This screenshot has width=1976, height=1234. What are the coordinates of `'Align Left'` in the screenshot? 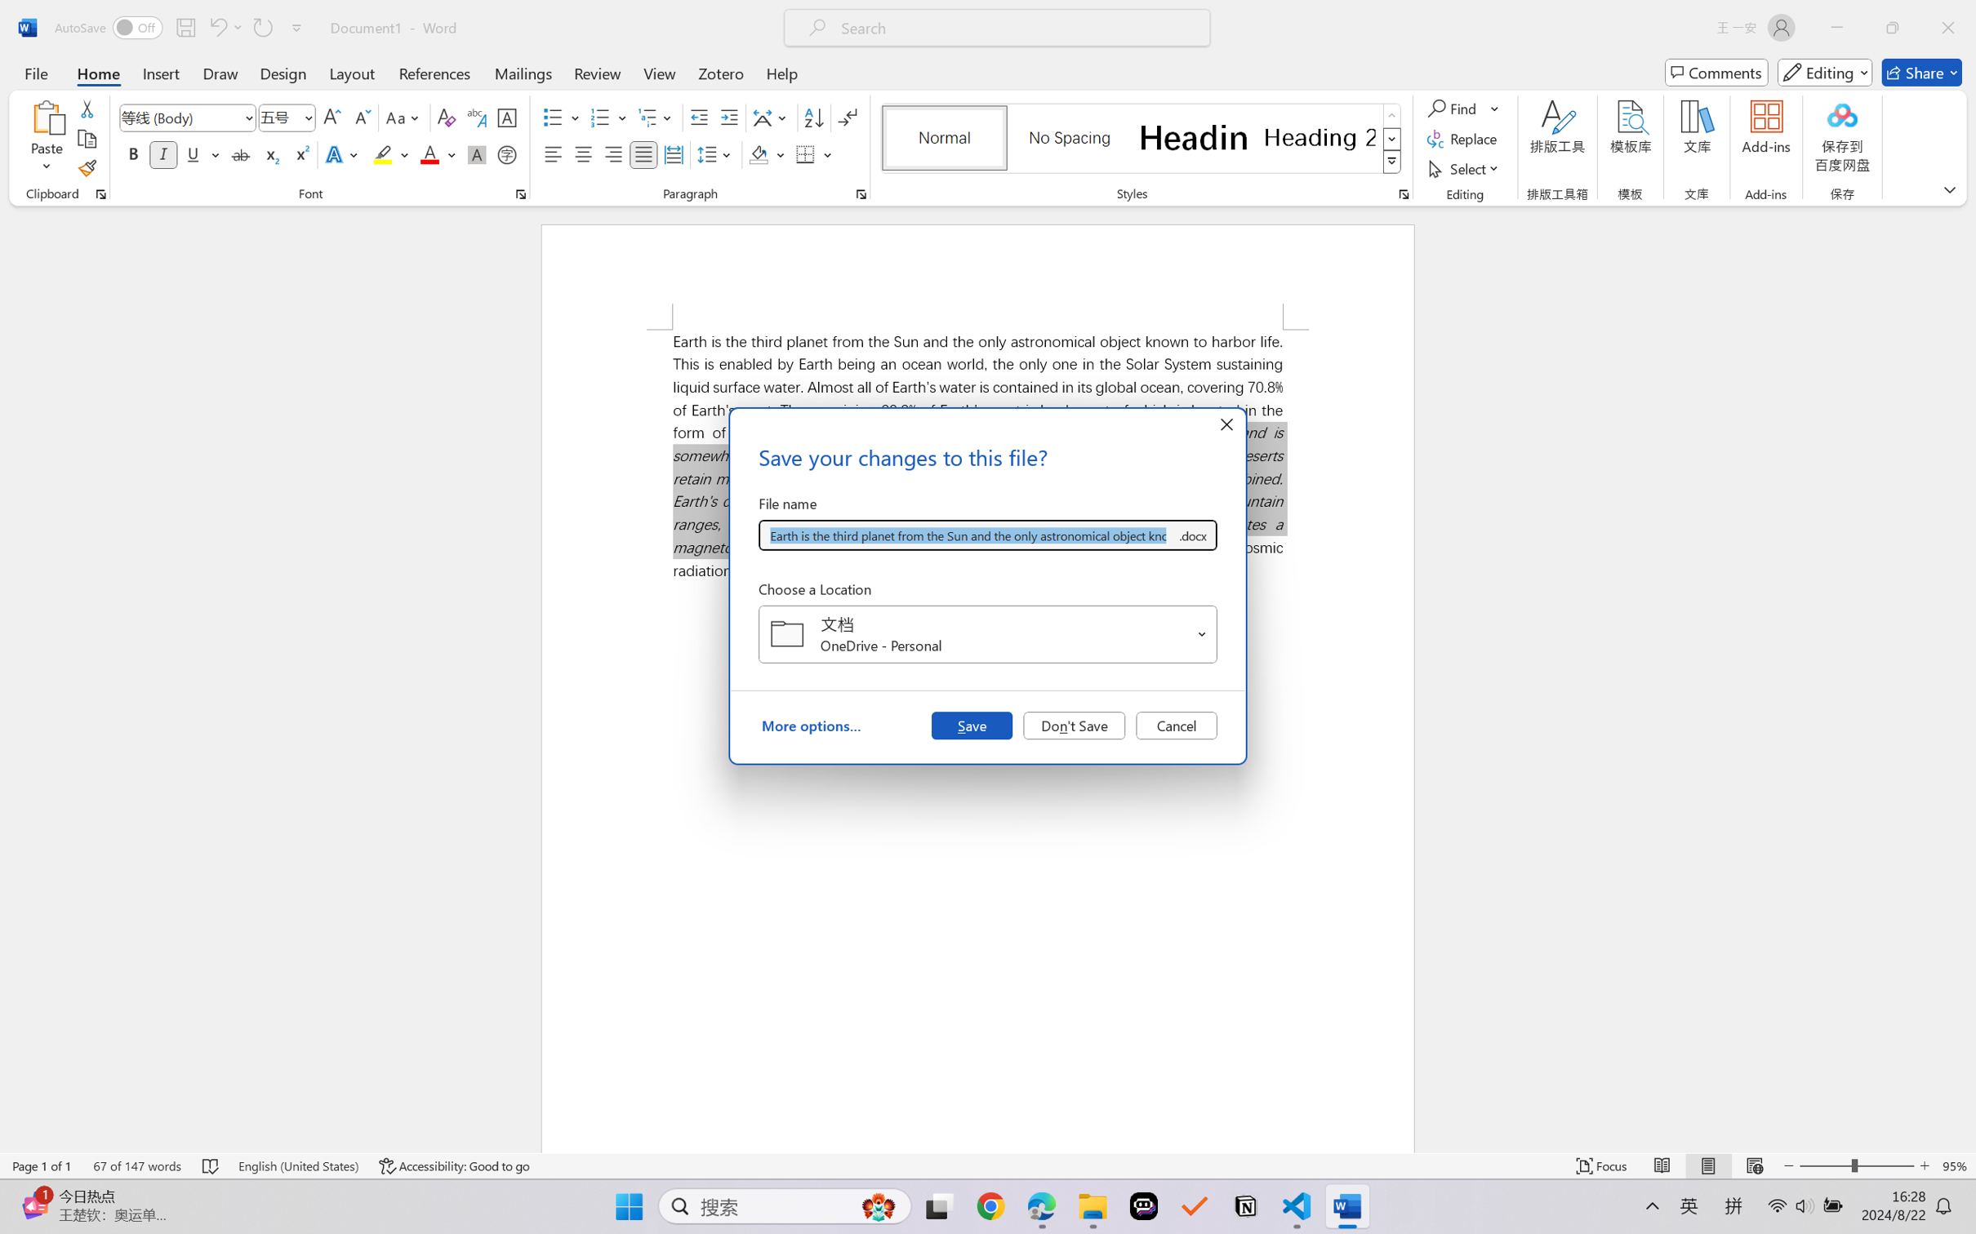 It's located at (553, 153).